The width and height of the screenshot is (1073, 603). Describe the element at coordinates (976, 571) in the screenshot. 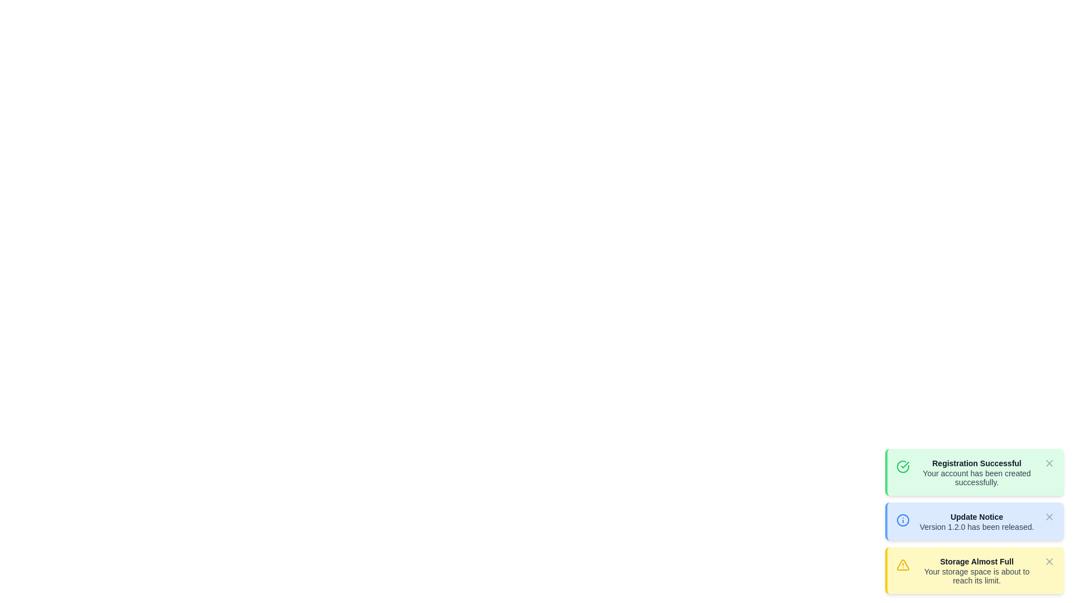

I see `information displayed in the yellow alert box which informs the user that their storage is nearing its limit, located at the bottom of the notifications on the right side of the interface` at that location.